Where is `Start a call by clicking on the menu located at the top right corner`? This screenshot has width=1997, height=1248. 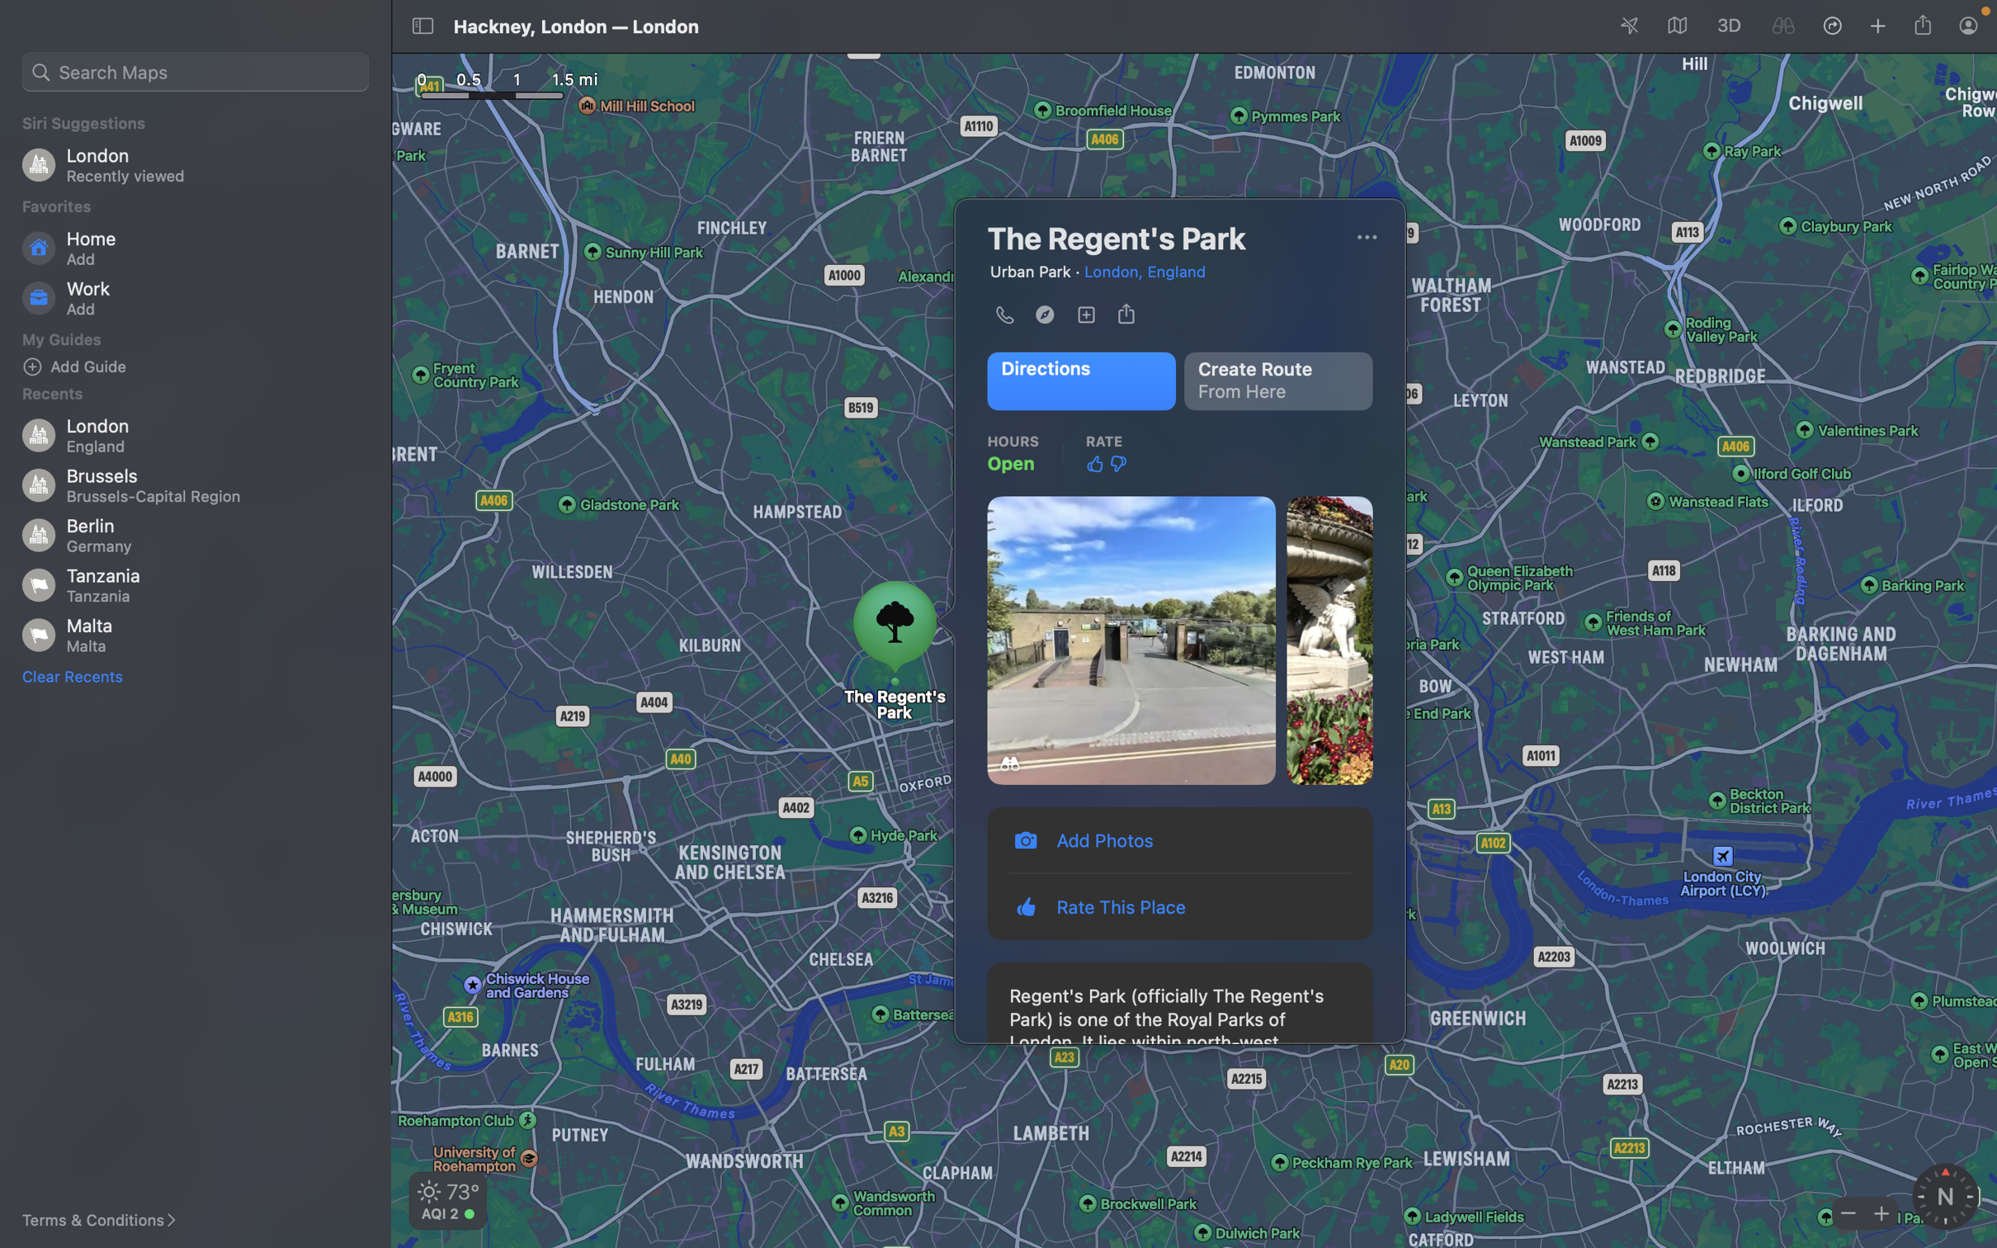
Start a call by clicking on the menu located at the top right corner is located at coordinates (1366, 237).